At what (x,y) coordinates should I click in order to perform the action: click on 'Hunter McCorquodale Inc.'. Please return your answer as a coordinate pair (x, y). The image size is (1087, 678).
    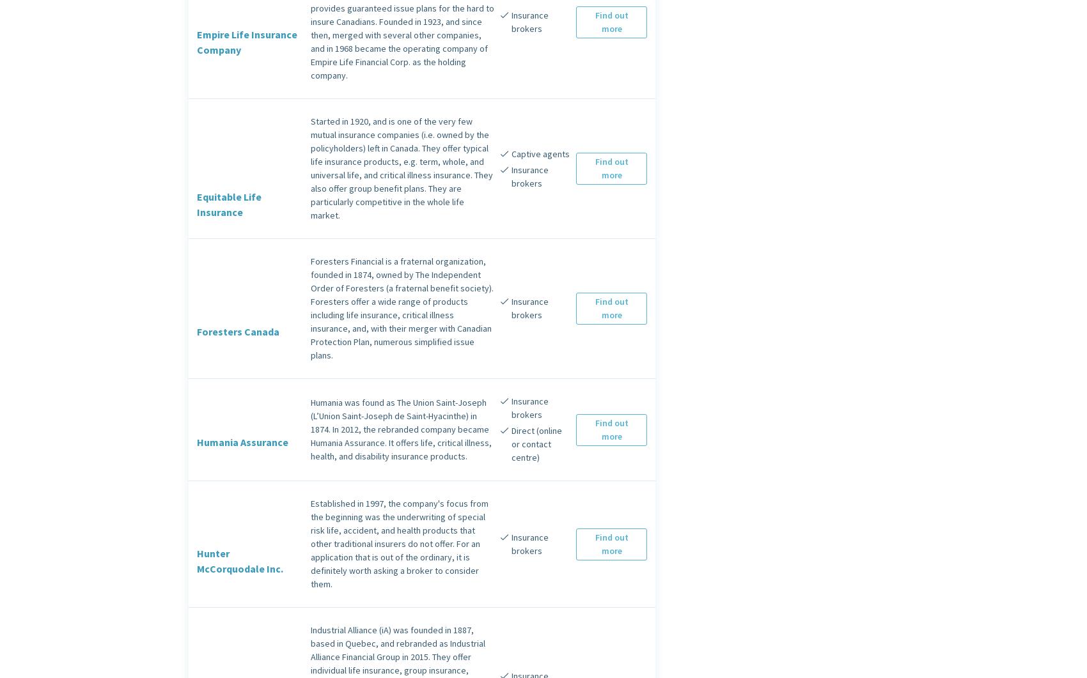
    Looking at the image, I should click on (239, 560).